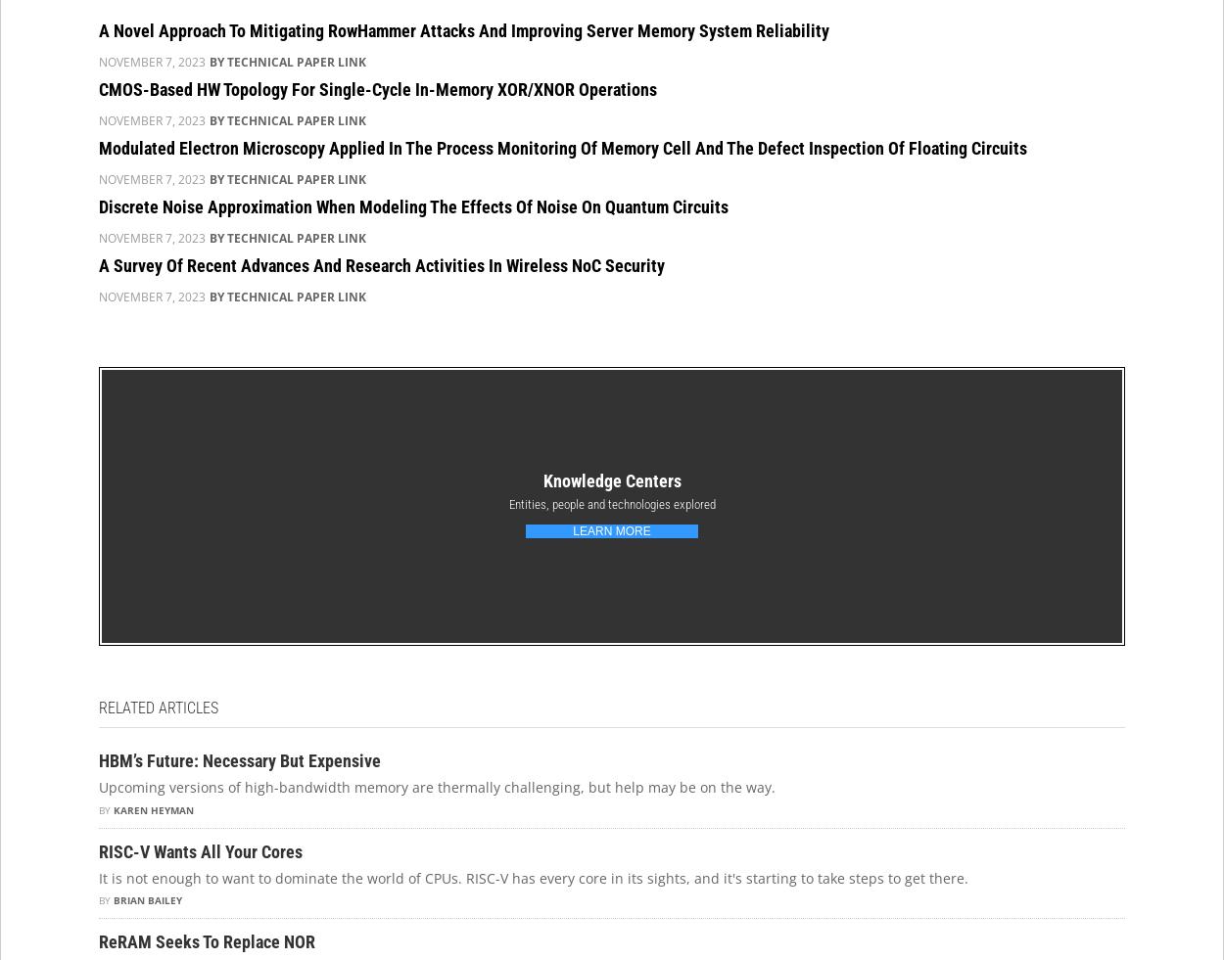 The width and height of the screenshot is (1224, 960). Describe the element at coordinates (610, 480) in the screenshot. I see `'Knowledge Centers'` at that location.